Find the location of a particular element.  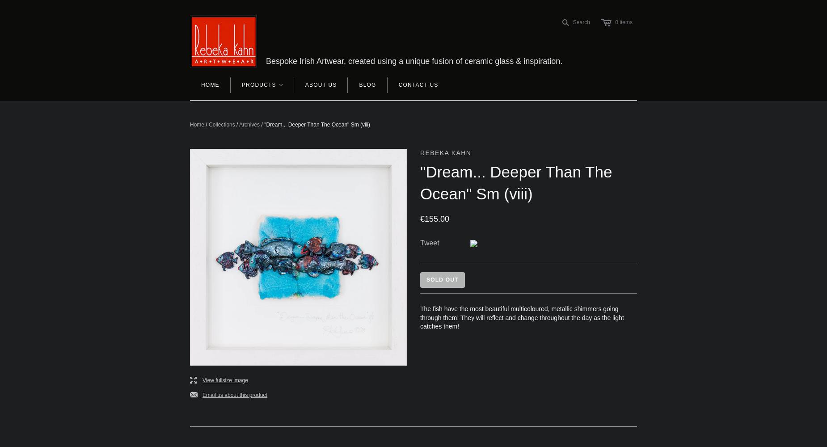

'Search' is located at coordinates (580, 22).